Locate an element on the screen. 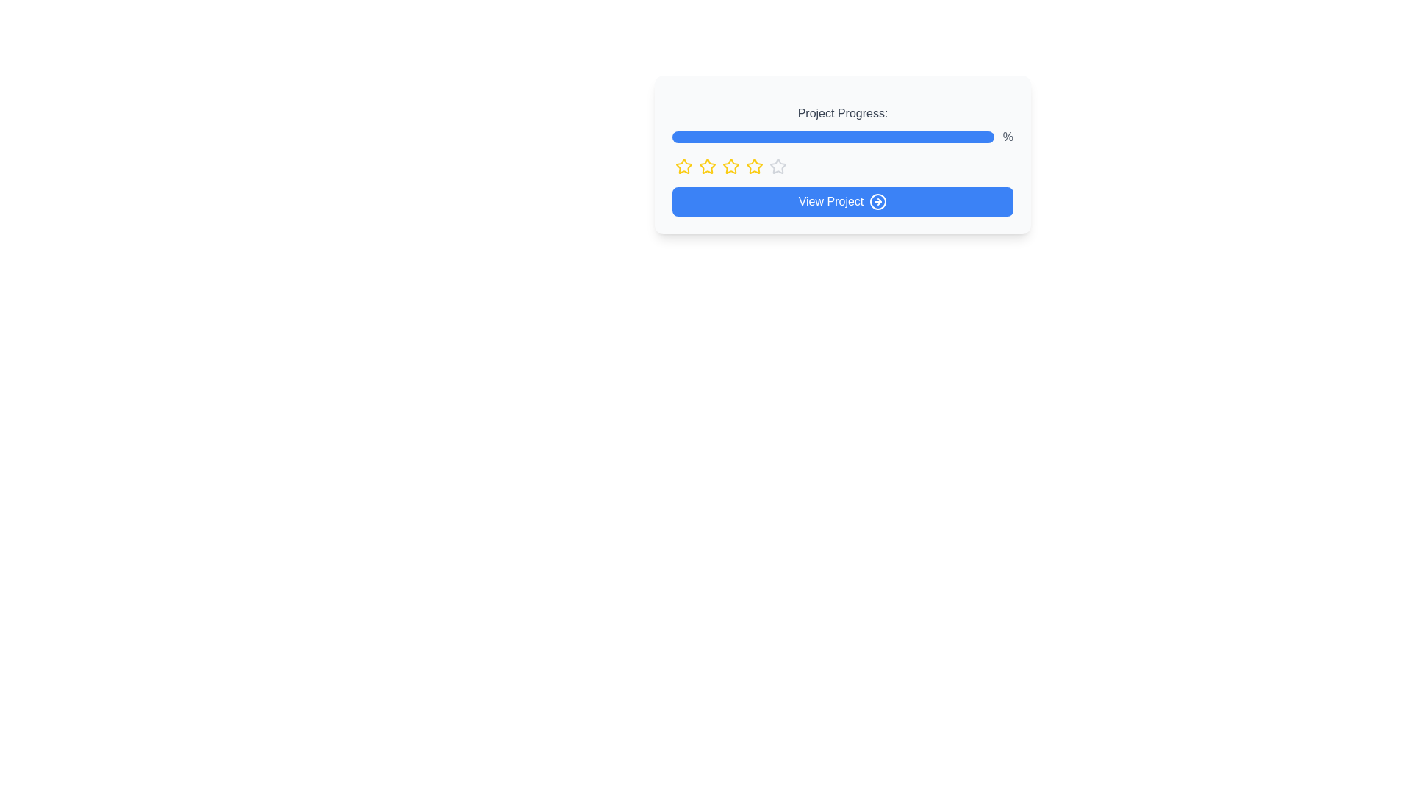 This screenshot has width=1411, height=793. the SVG Circle decorative feature located on the right side of the 'View Project' button is located at coordinates (878, 201).